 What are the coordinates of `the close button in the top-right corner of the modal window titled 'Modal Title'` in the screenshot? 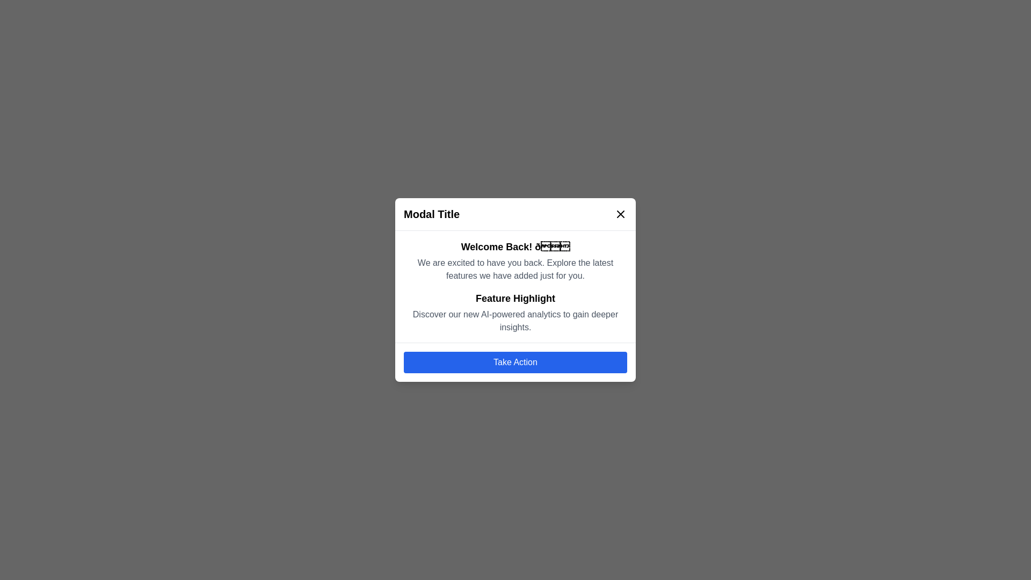 It's located at (621, 214).